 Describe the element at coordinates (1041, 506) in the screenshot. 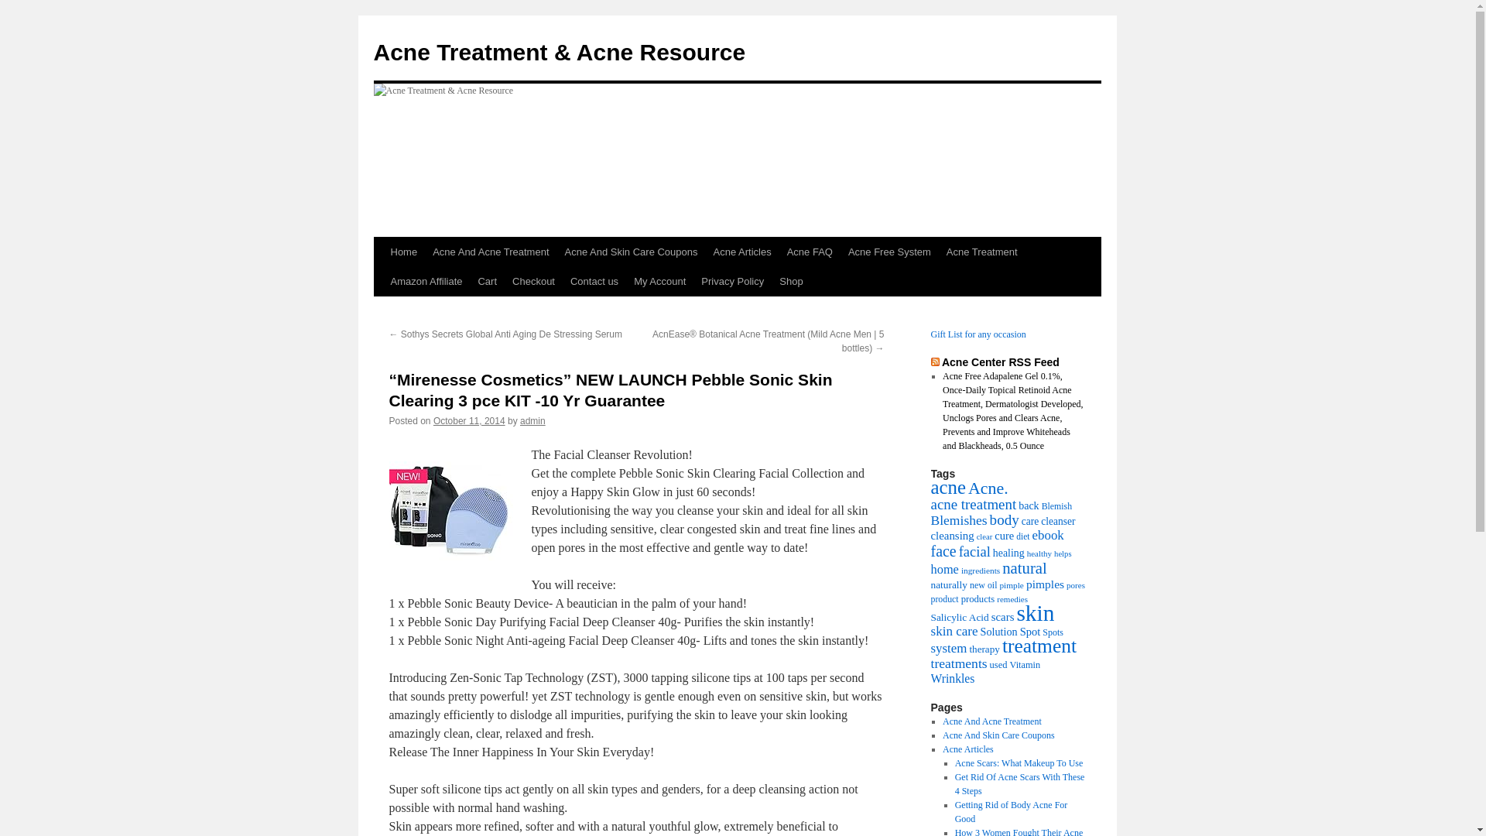

I see `'Blemish'` at that location.